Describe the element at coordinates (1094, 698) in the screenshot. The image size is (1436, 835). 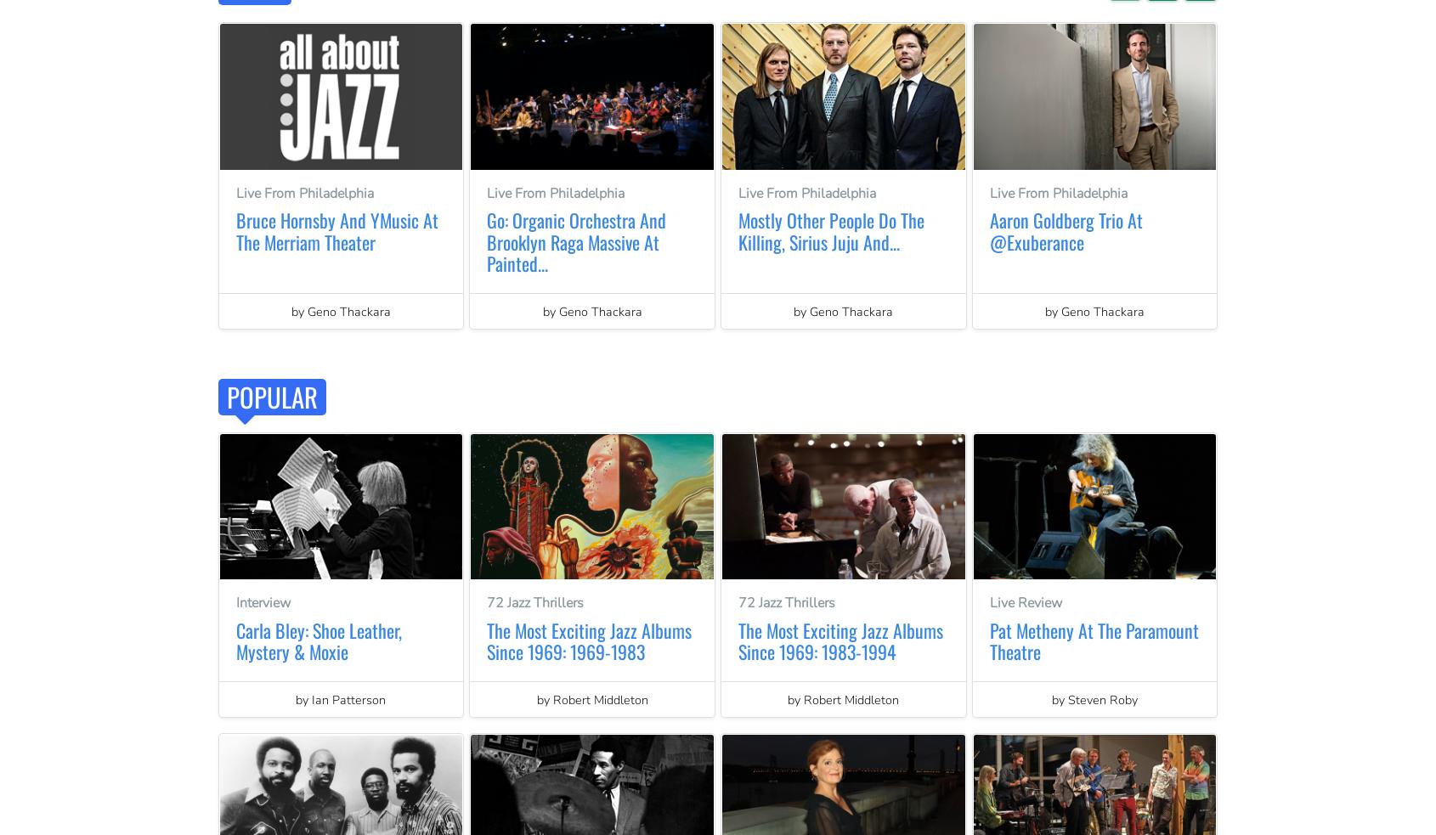
I see `'by Steven Roby'` at that location.